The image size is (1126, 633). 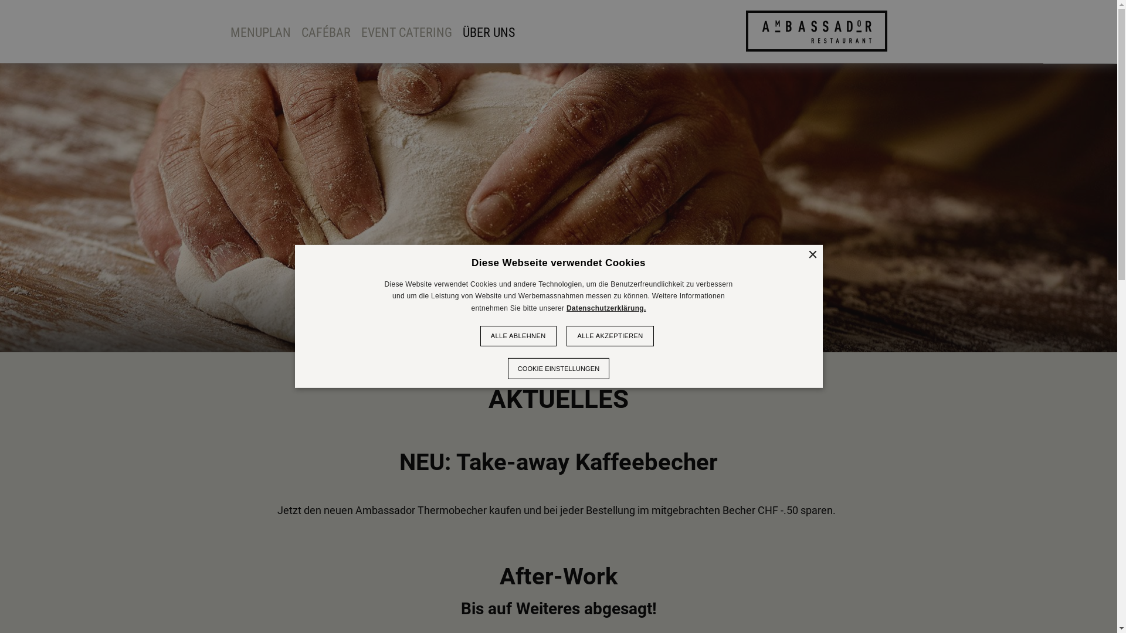 I want to click on 'MENUPLAN', so click(x=230, y=31).